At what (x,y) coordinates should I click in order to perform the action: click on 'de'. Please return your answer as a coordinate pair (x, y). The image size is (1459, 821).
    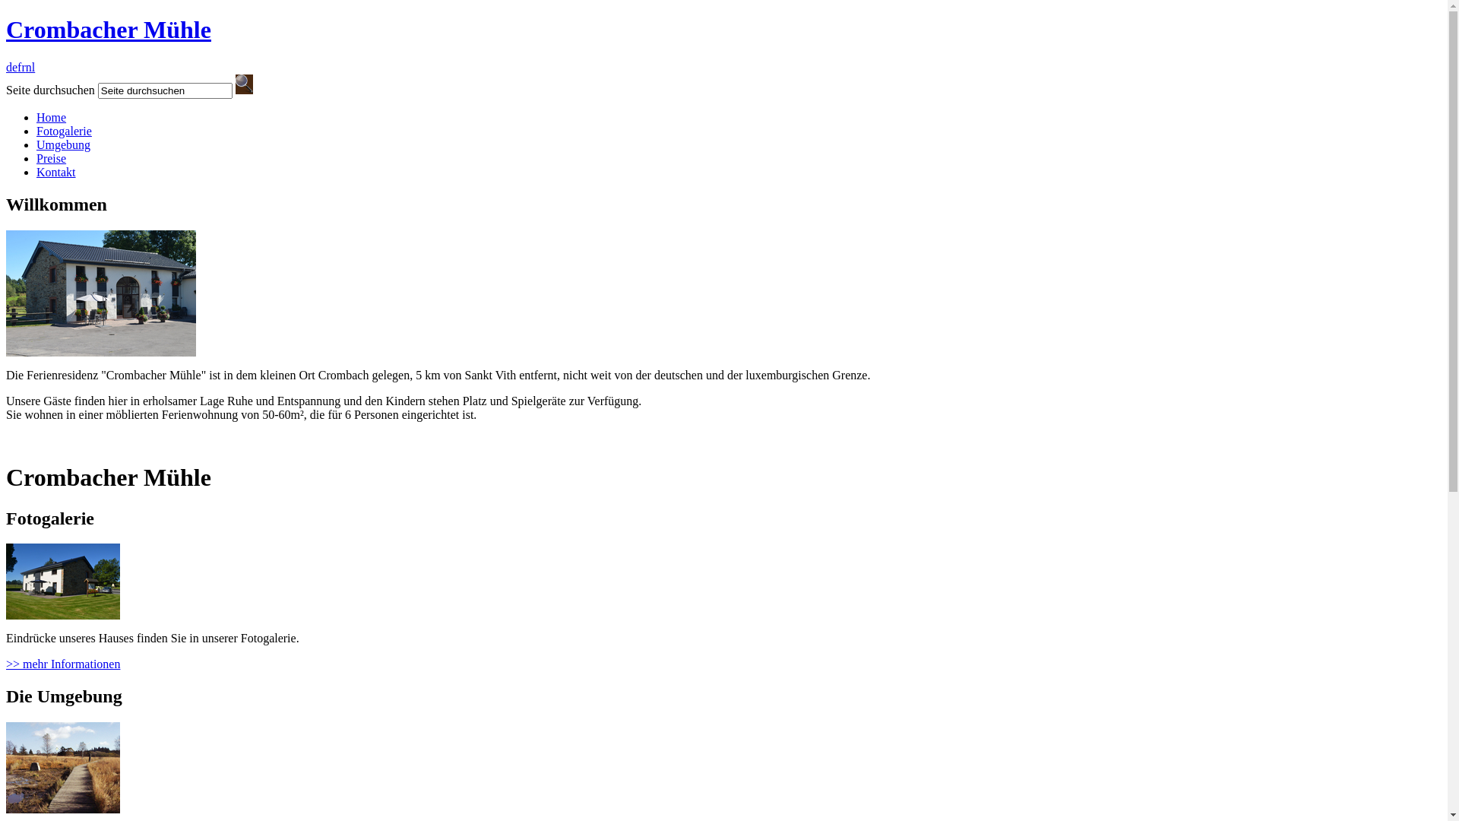
    Looking at the image, I should click on (11, 66).